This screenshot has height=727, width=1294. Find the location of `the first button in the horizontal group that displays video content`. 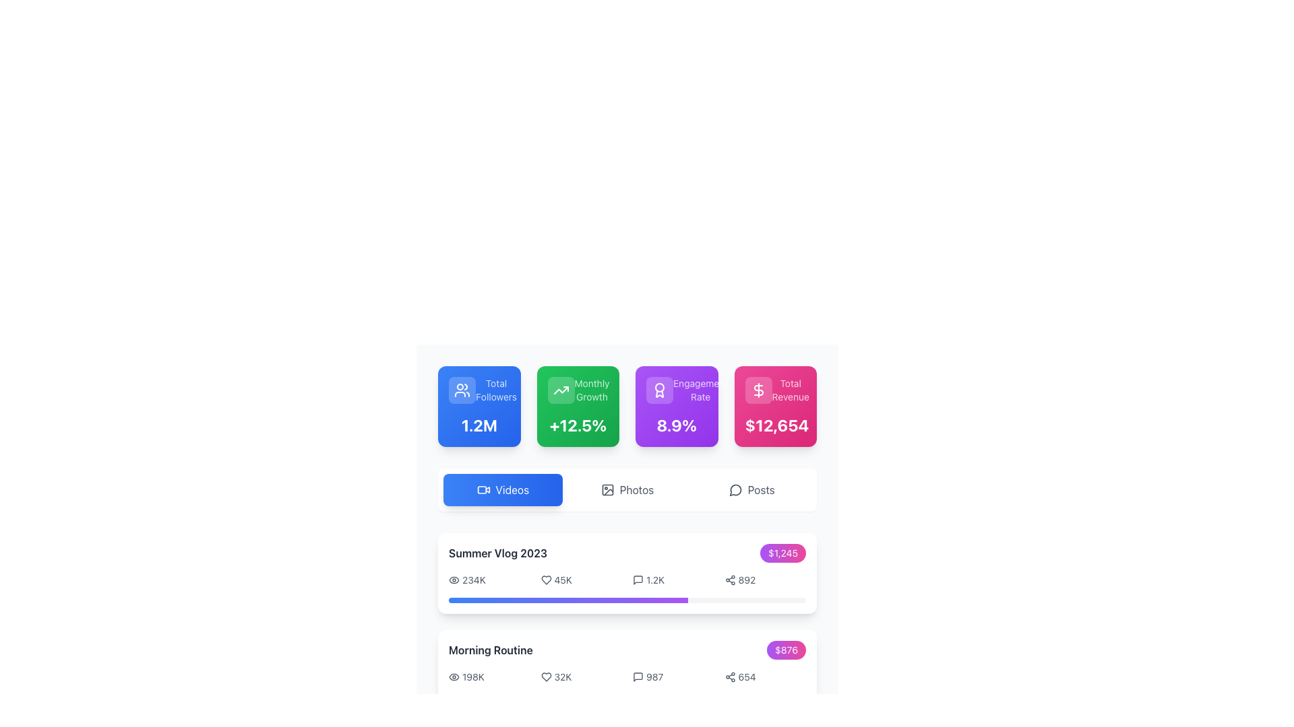

the first button in the horizontal group that displays video content is located at coordinates (502, 490).